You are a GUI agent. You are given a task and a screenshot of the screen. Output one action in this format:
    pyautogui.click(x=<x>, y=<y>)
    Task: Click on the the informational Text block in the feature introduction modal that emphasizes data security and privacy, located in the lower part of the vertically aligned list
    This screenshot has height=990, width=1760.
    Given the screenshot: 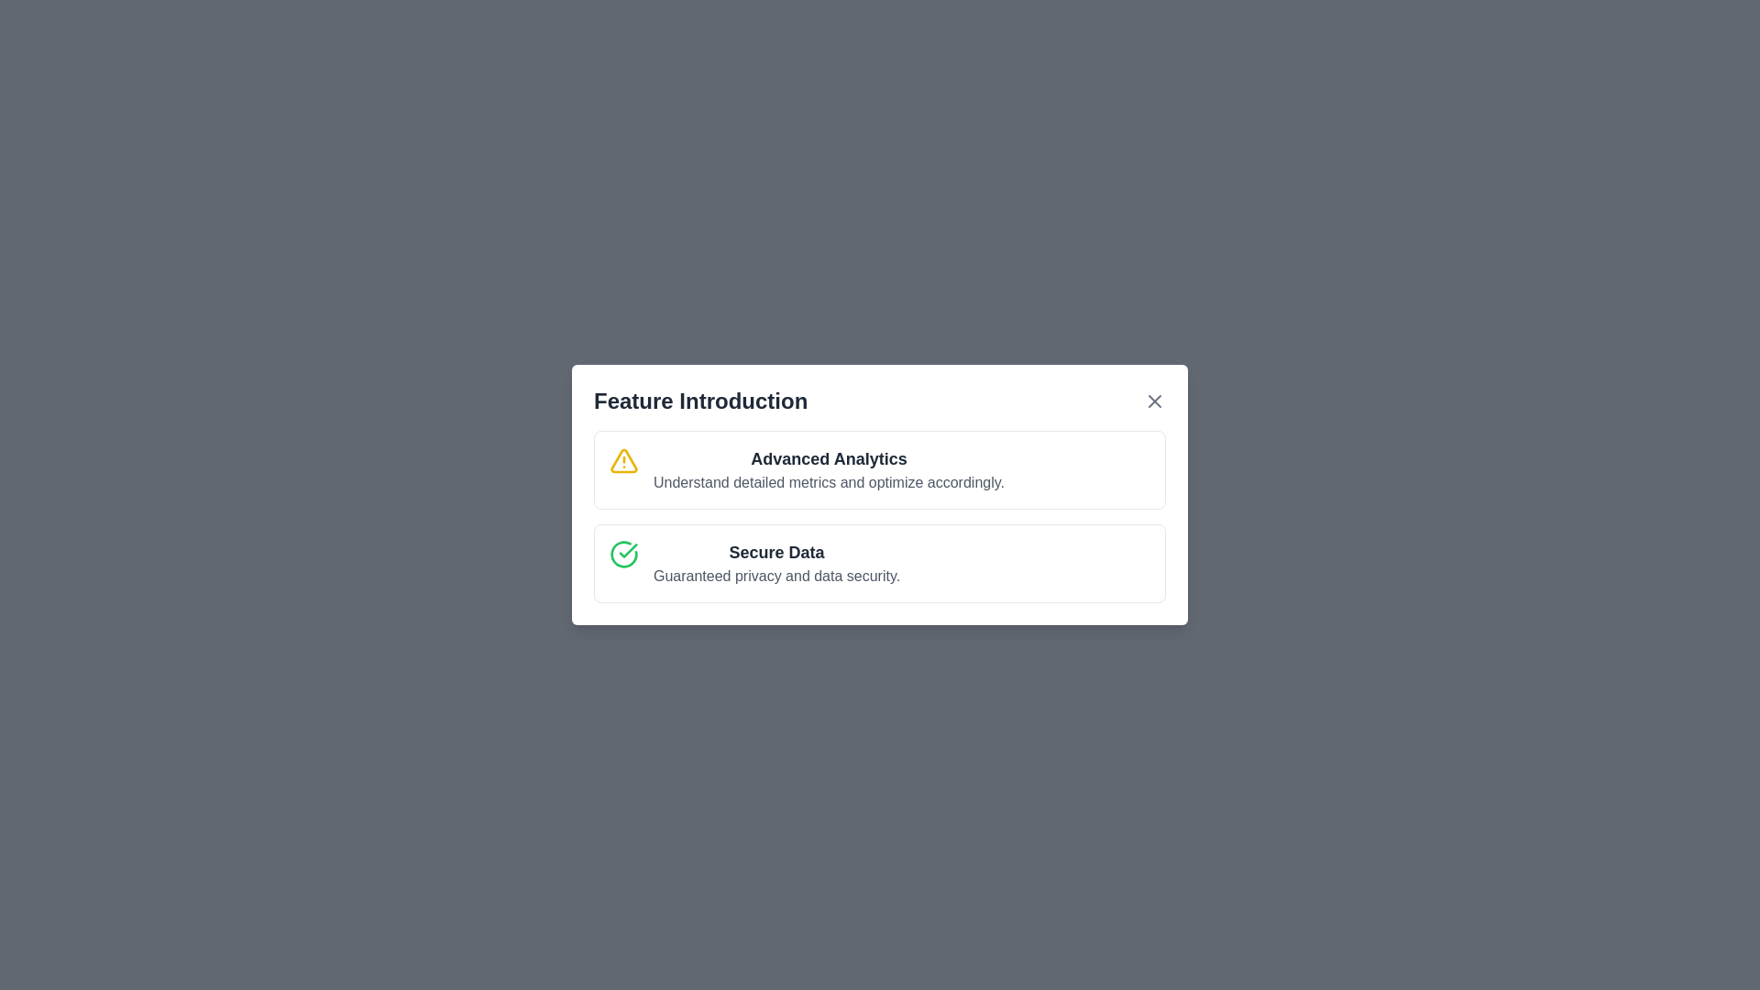 What is the action you would take?
    pyautogui.click(x=776, y=562)
    